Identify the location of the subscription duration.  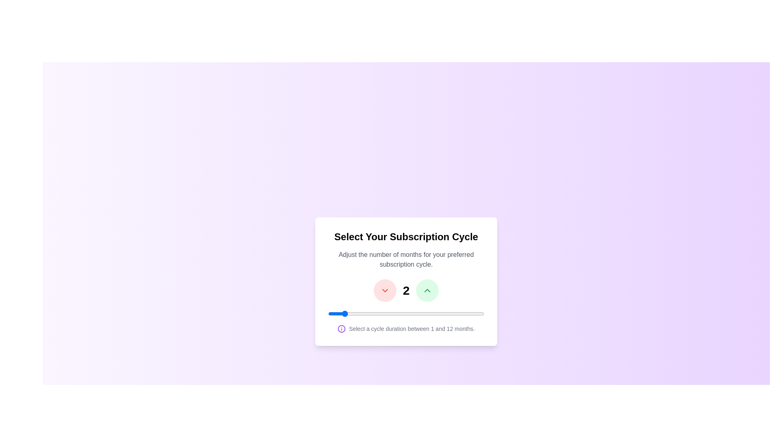
(413, 313).